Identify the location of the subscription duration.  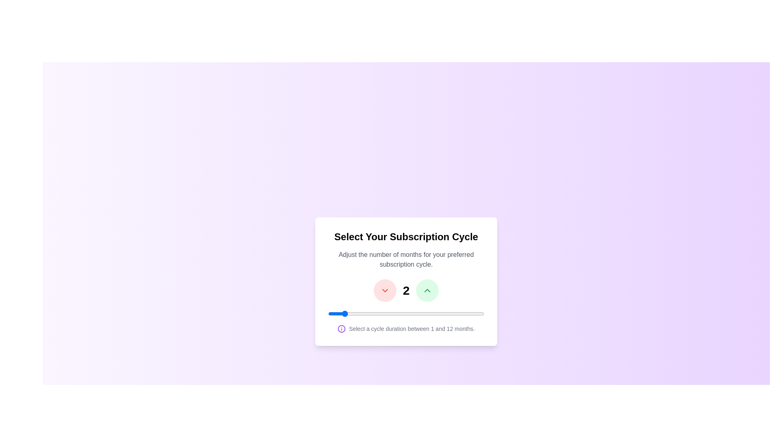
(413, 313).